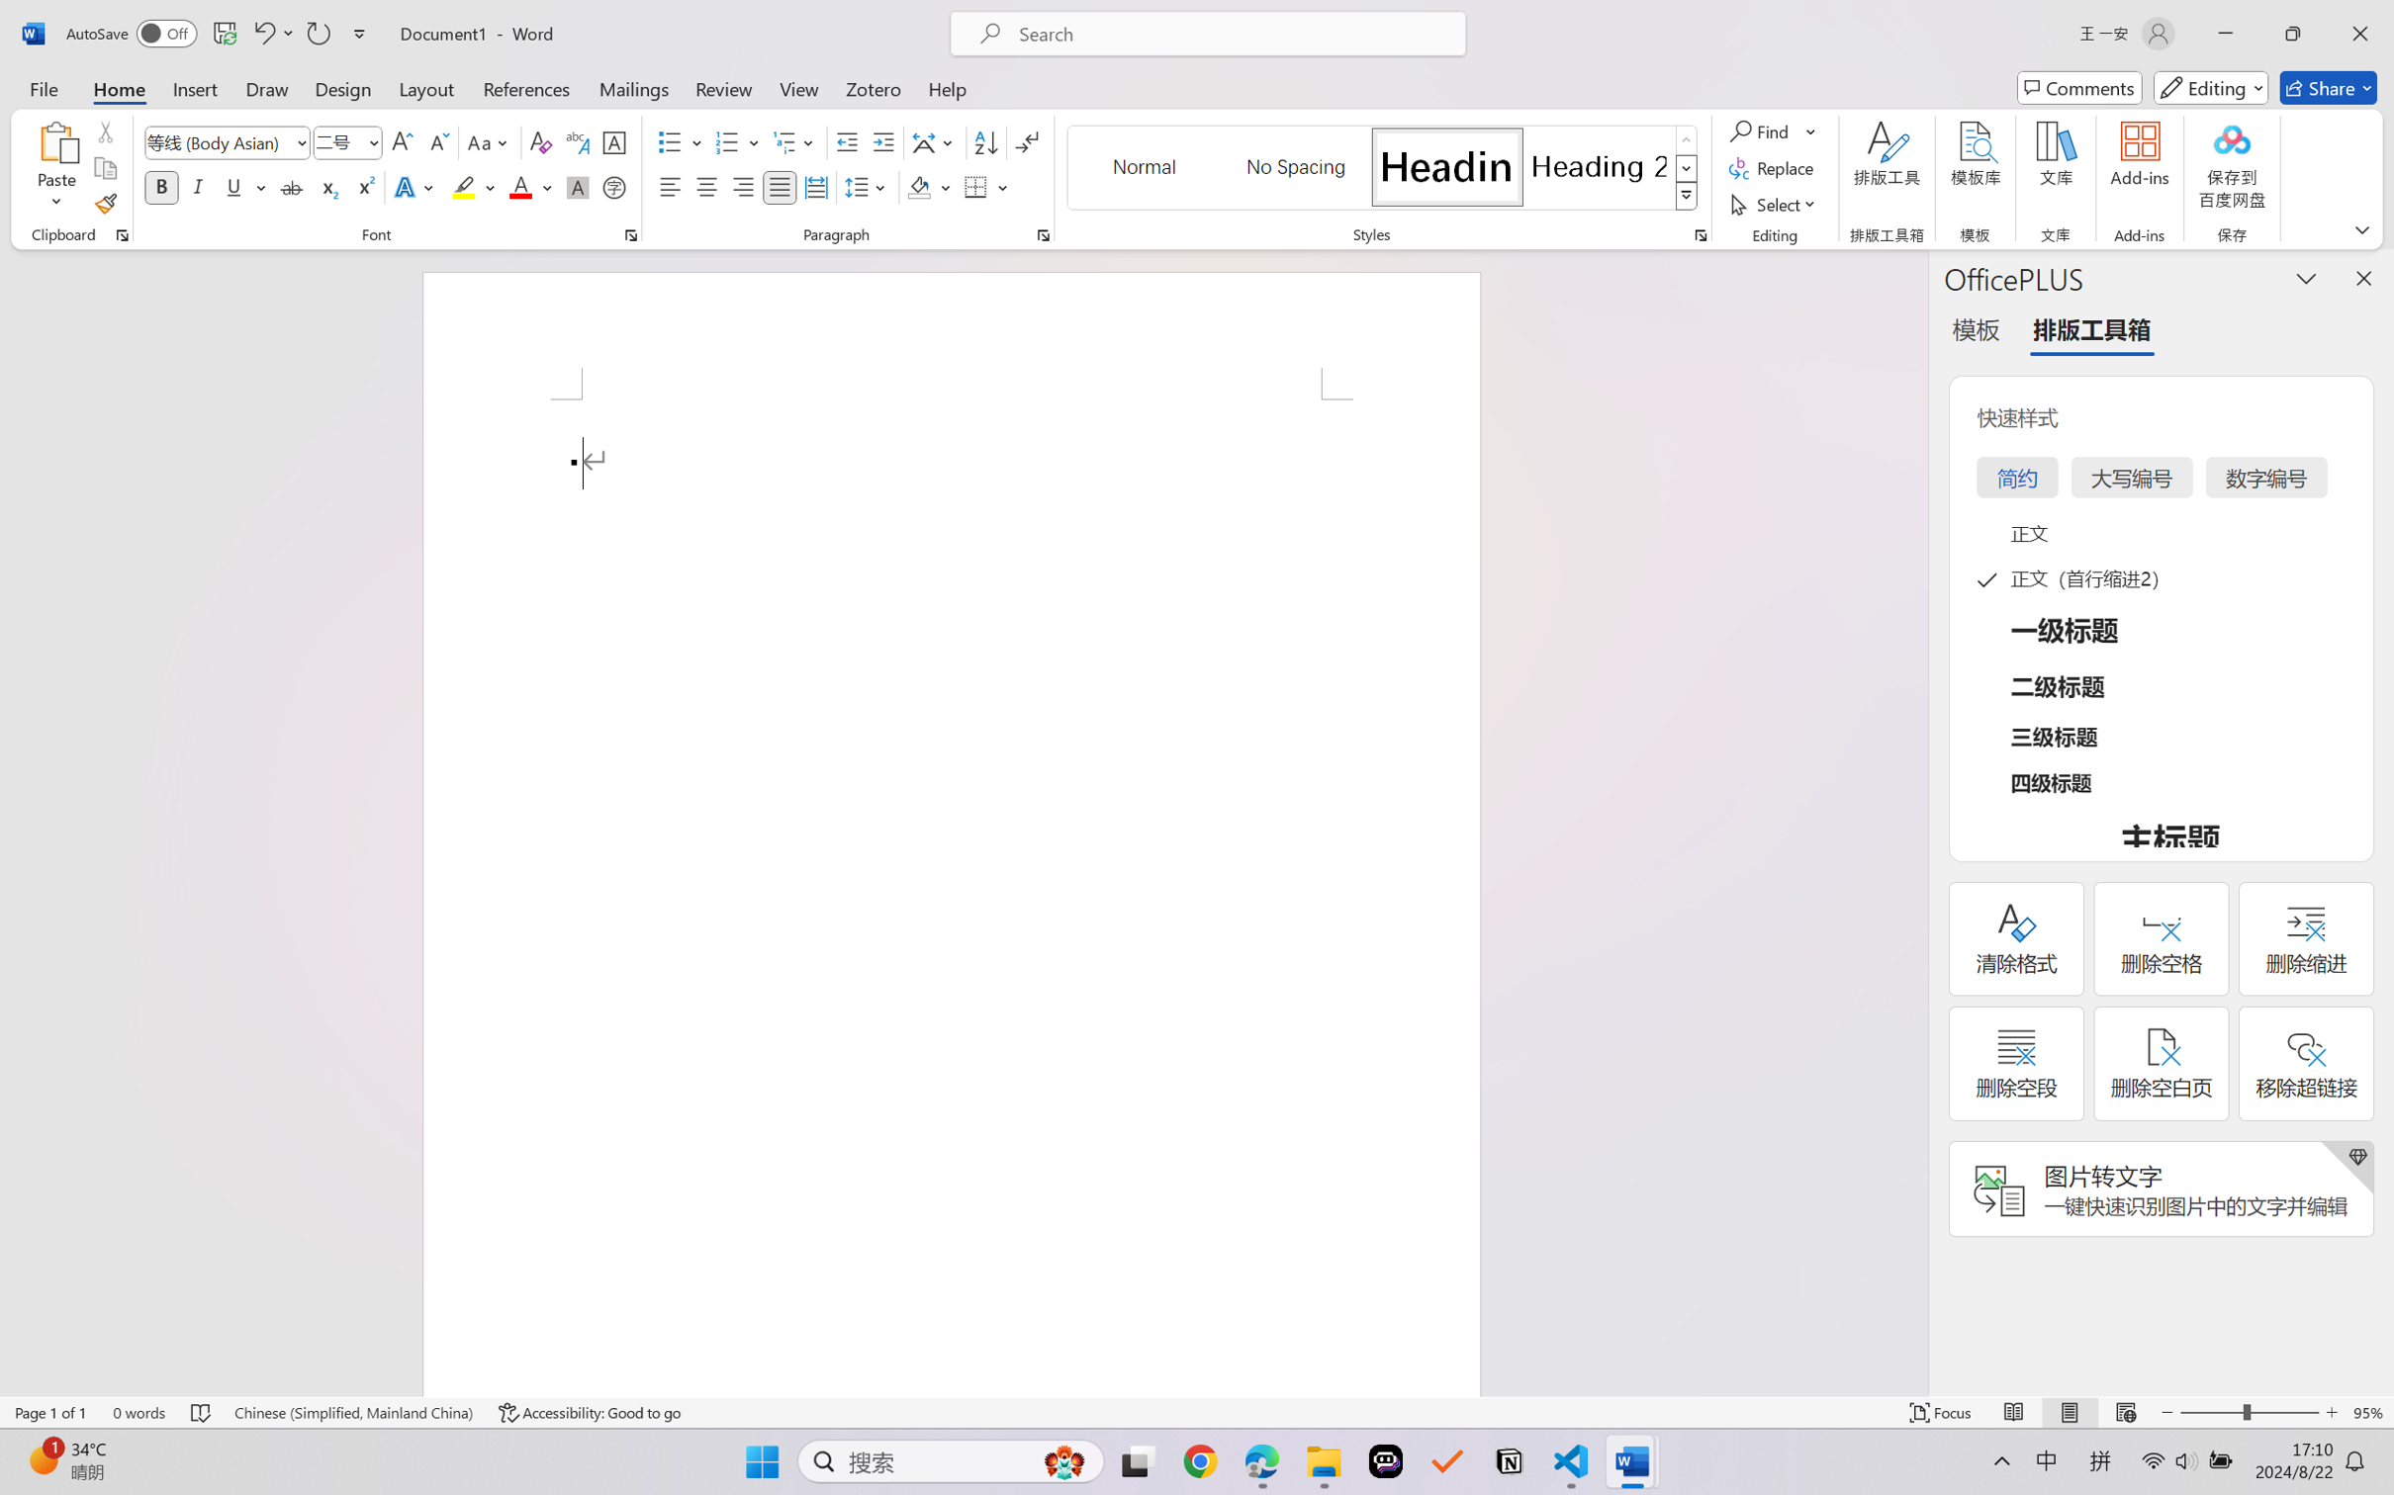  I want to click on 'Page 1 content', so click(951, 897).